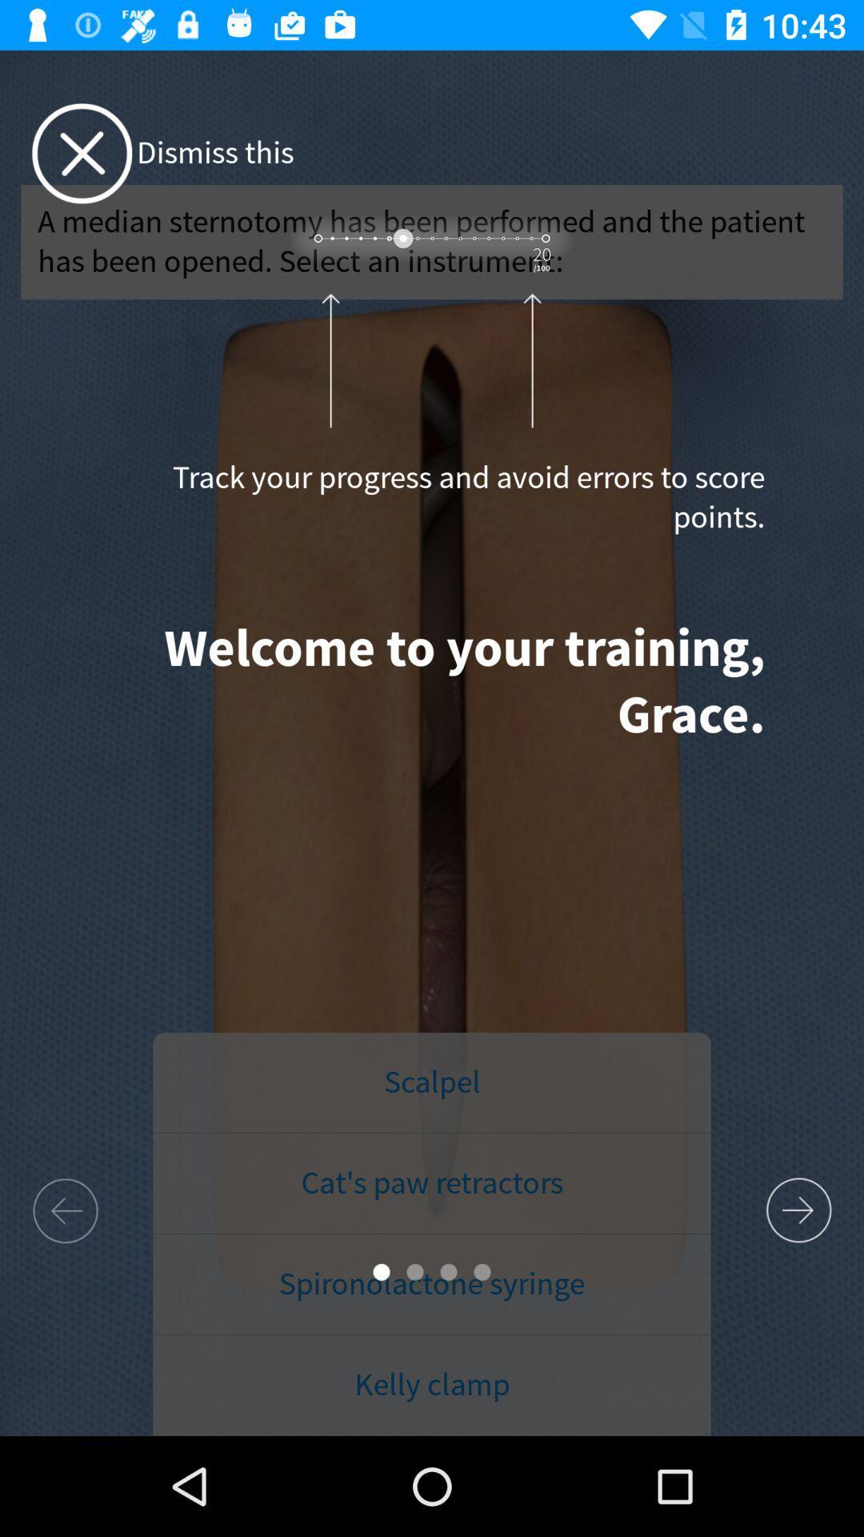 This screenshot has width=864, height=1537. What do you see at coordinates (432, 1183) in the screenshot?
I see `the cat s paw icon` at bounding box center [432, 1183].